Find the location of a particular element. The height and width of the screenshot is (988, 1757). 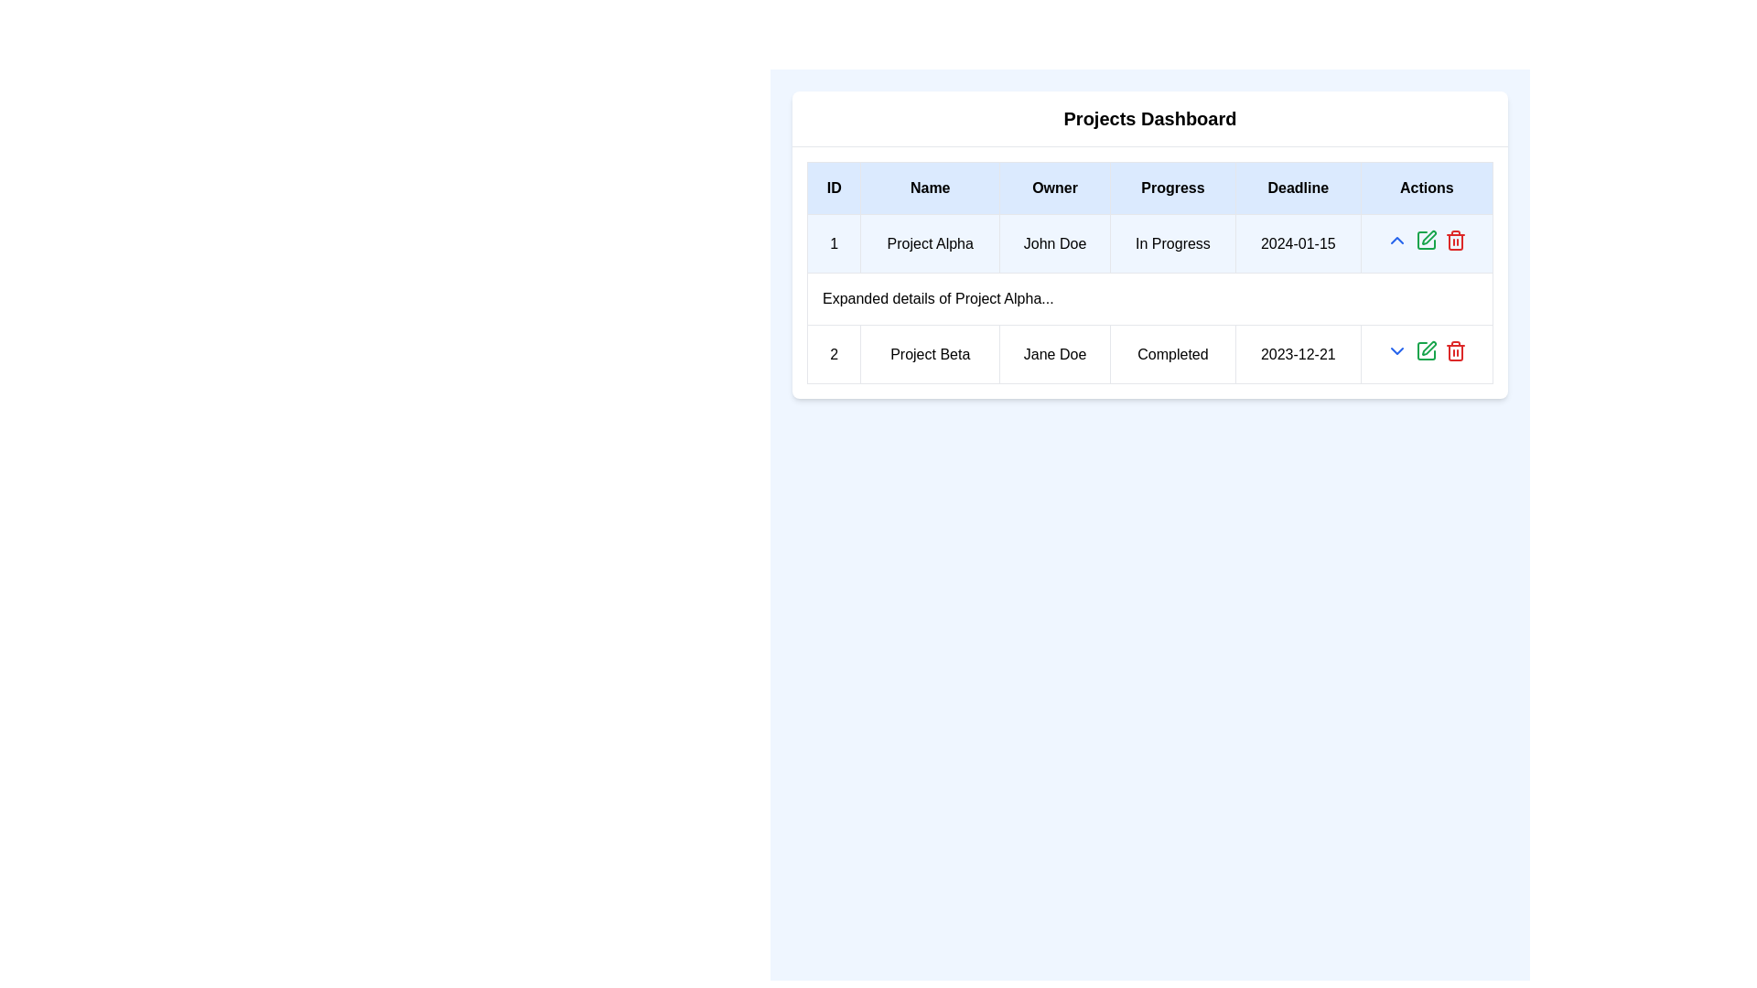

the edit icon in the 'Actions' column of the second row to initiate editing for the 'Project Beta' entry is located at coordinates (1426, 351).